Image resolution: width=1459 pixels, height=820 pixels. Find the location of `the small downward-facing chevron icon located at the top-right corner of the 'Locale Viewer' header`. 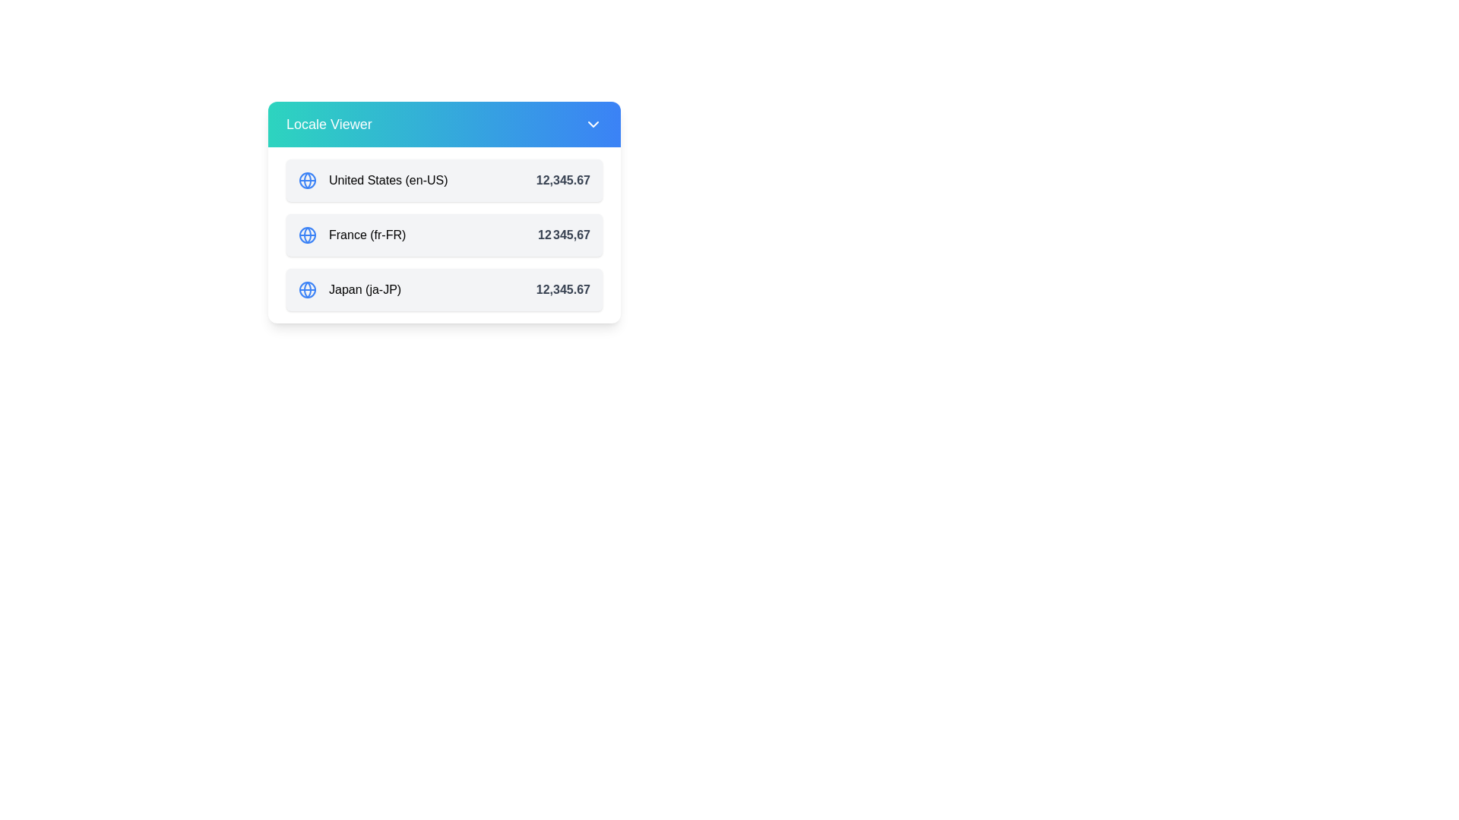

the small downward-facing chevron icon located at the top-right corner of the 'Locale Viewer' header is located at coordinates (593, 124).